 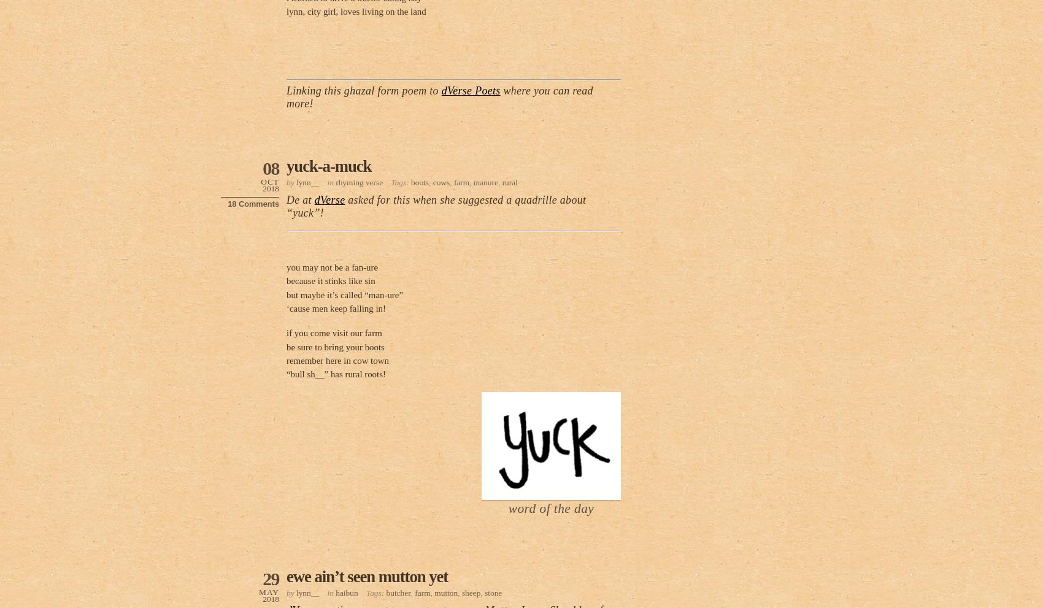 I want to click on 'lynn, city girl, loves living on the land', so click(x=355, y=11).